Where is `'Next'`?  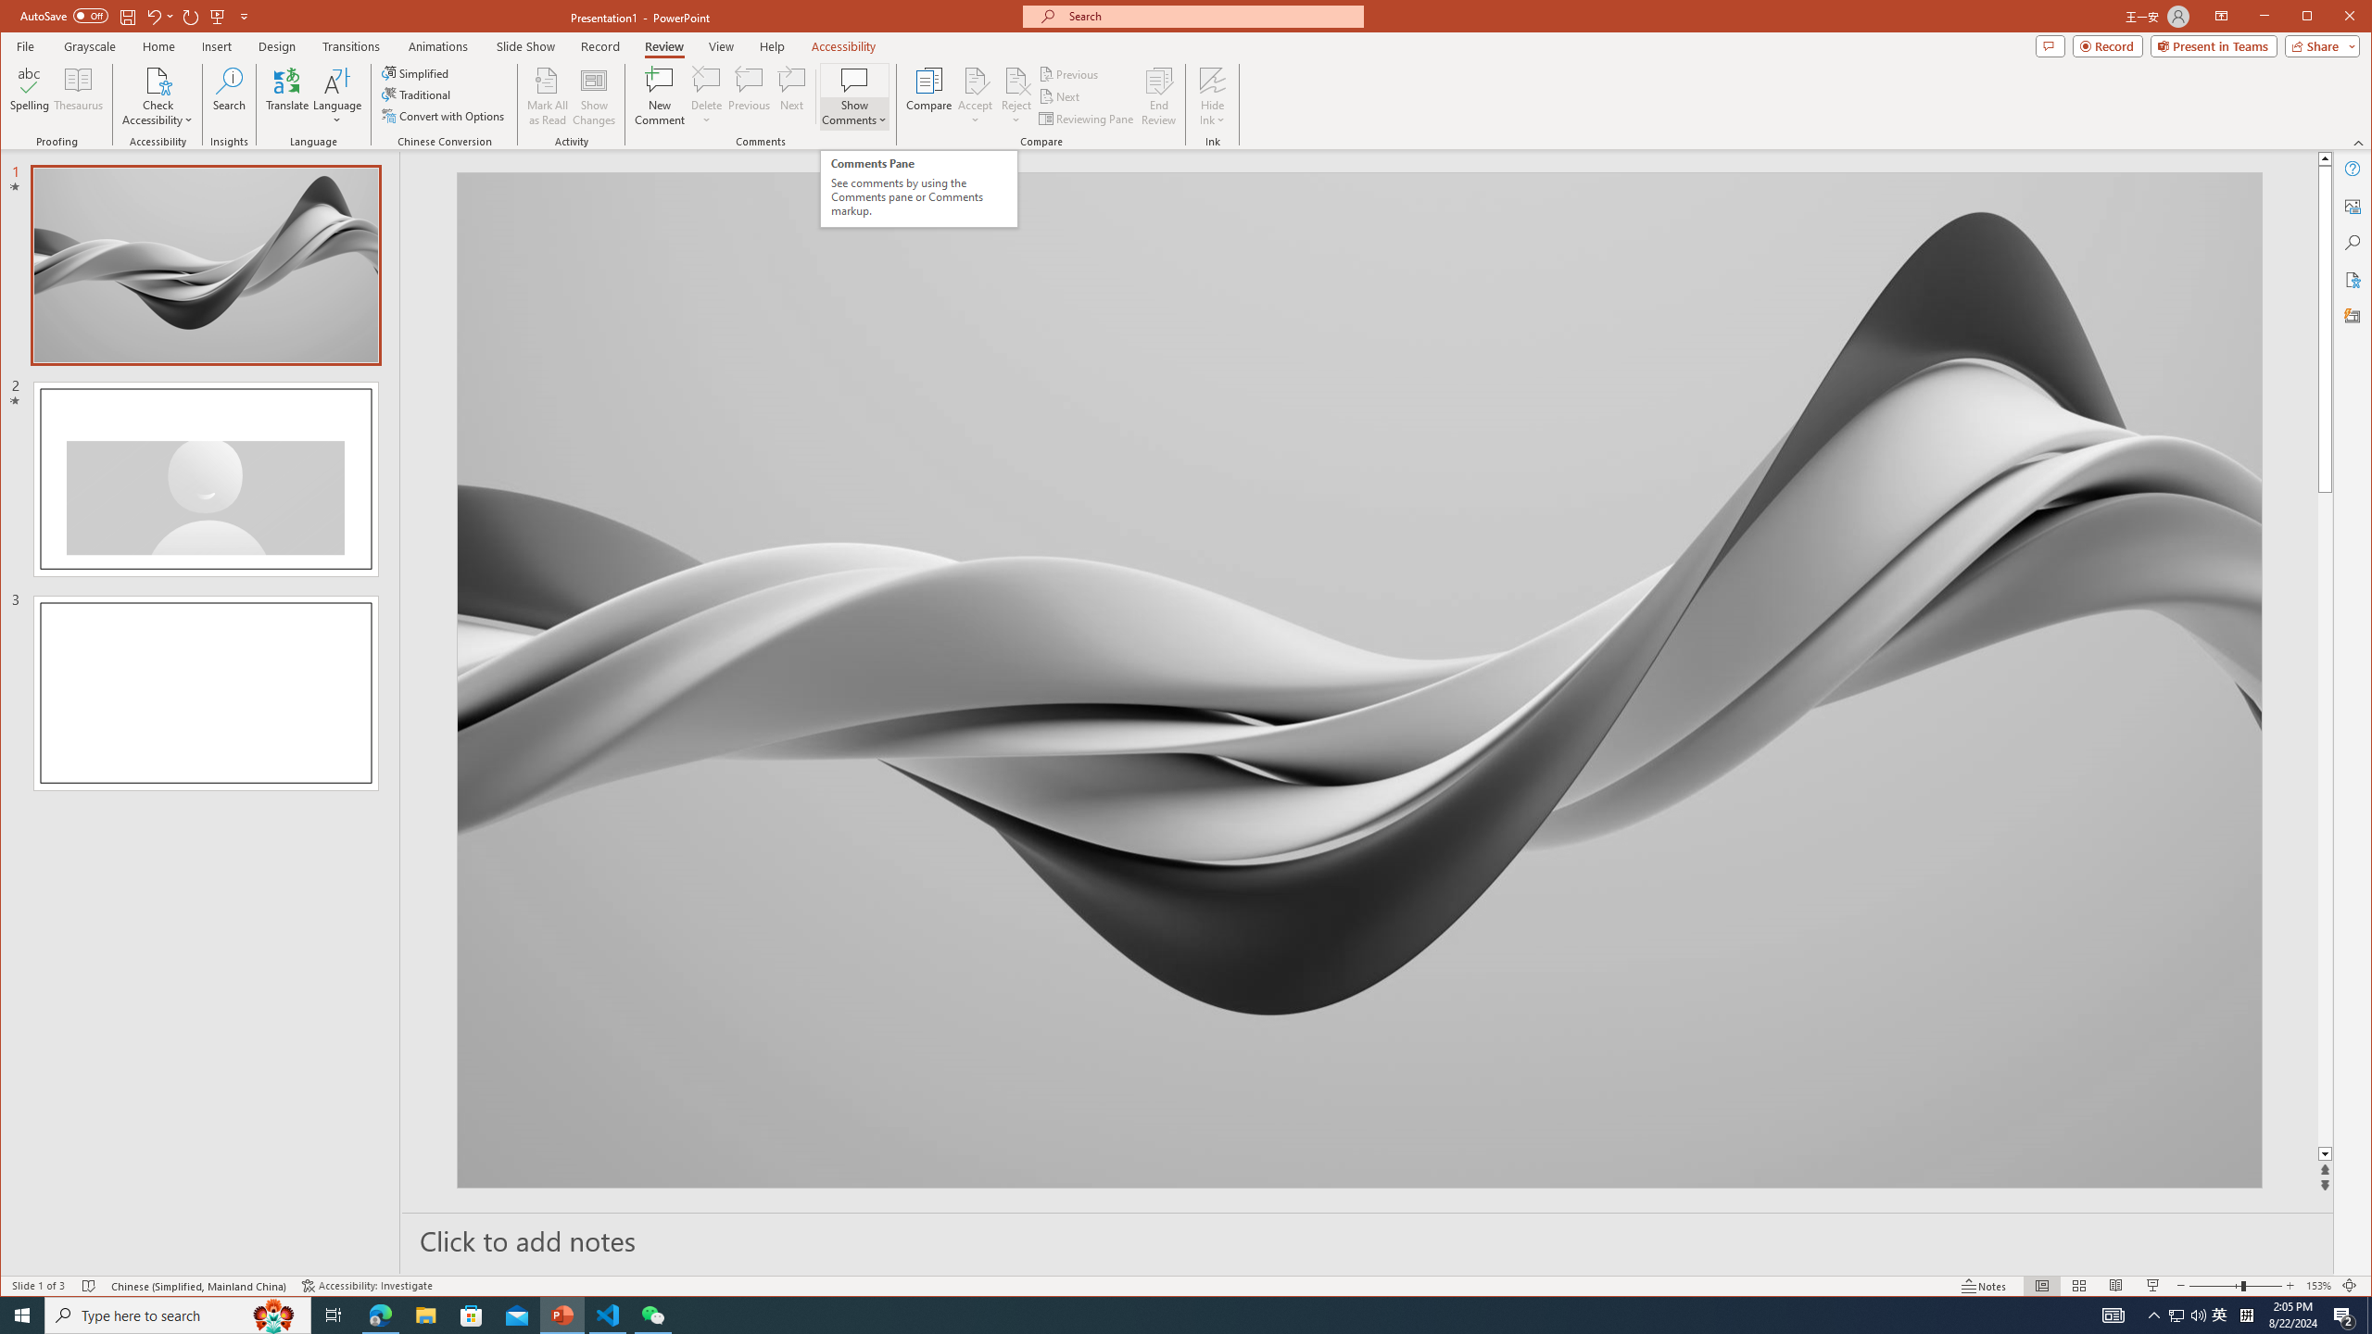
'Next' is located at coordinates (1061, 96).